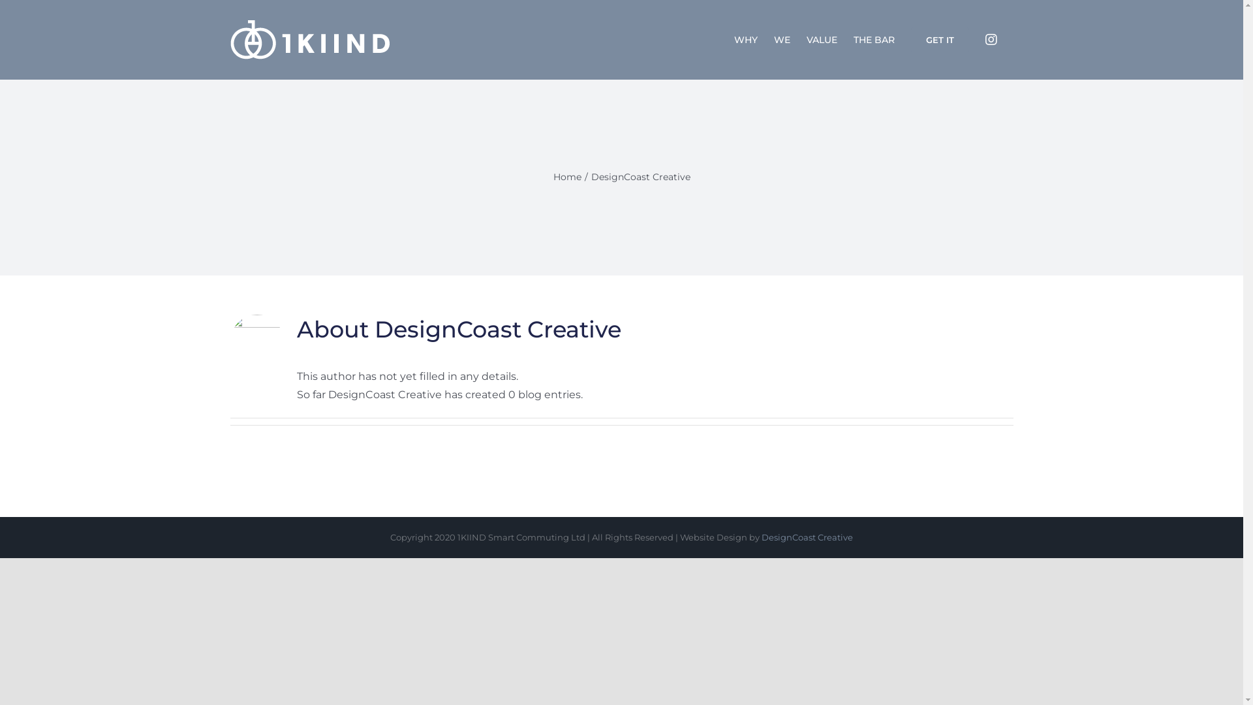  What do you see at coordinates (821, 39) in the screenshot?
I see `'VALUE'` at bounding box center [821, 39].